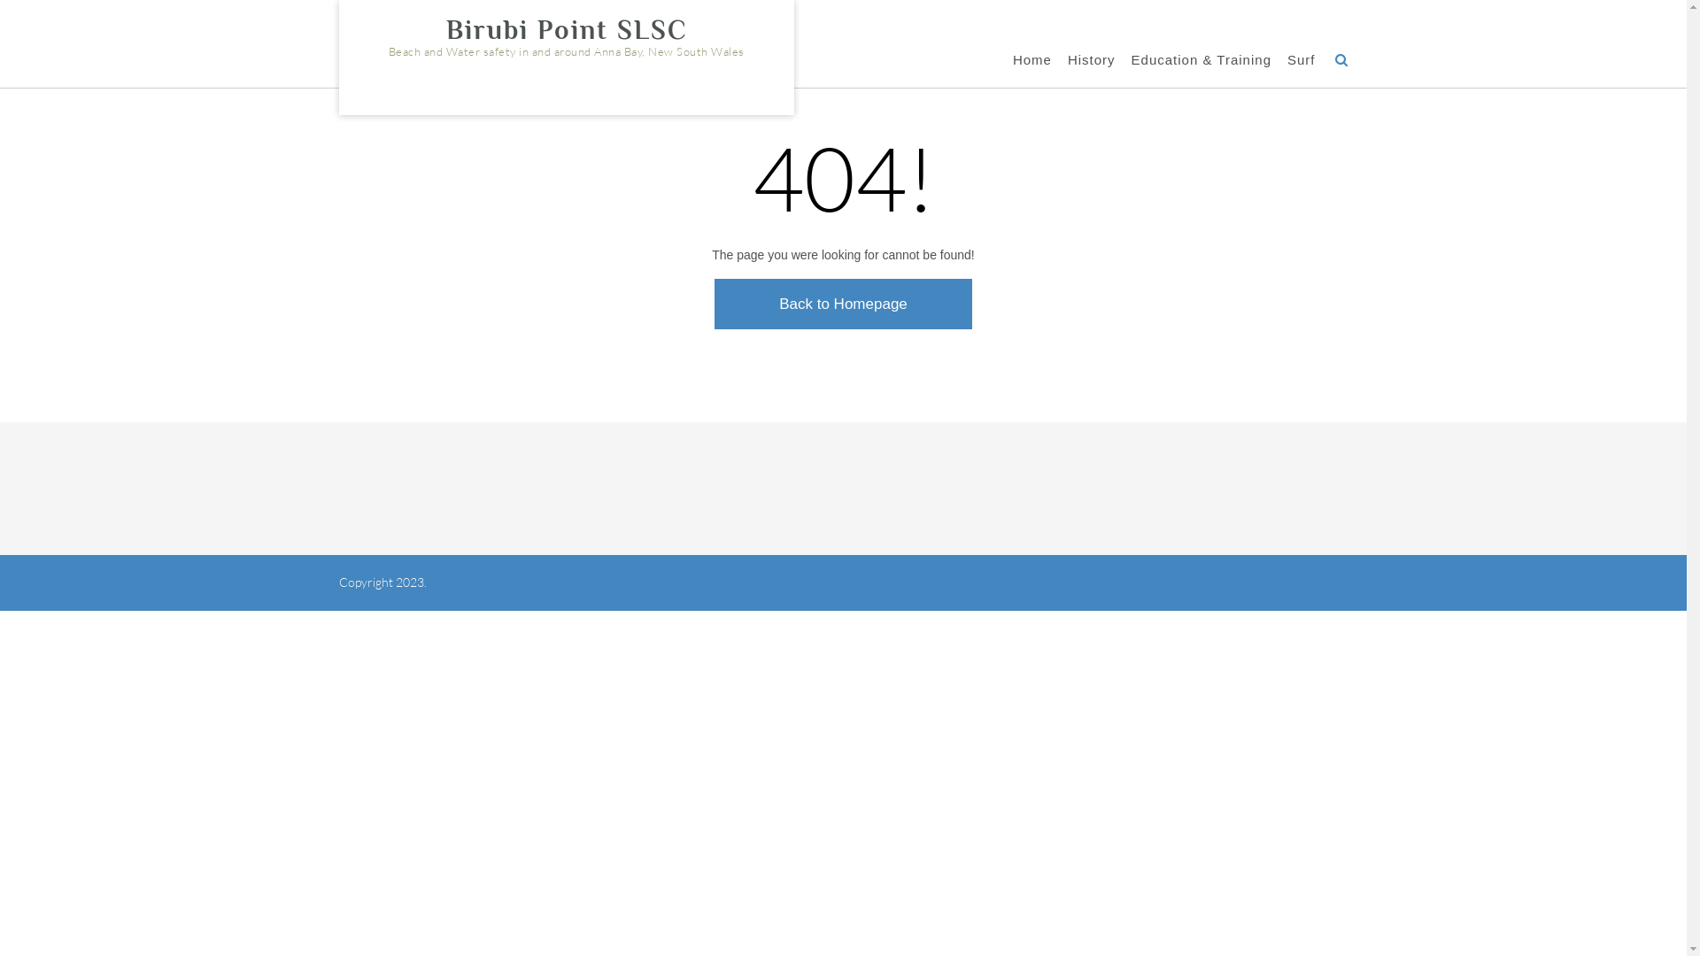  I want to click on 'Home', so click(1012, 59).